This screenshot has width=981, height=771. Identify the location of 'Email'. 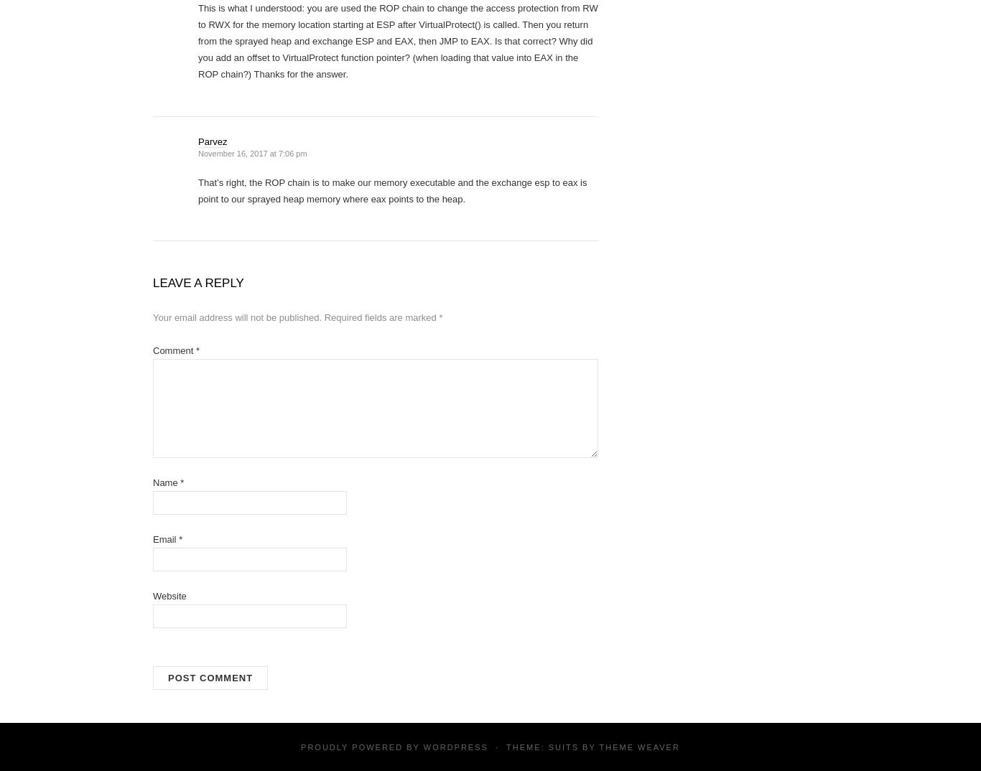
(165, 538).